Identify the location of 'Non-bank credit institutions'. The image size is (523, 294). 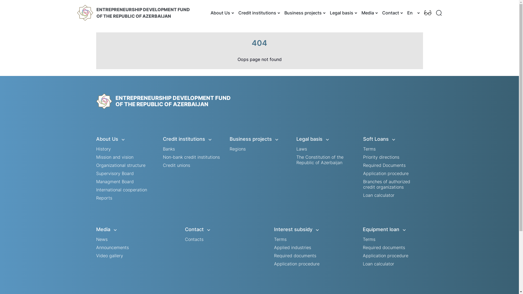
(191, 157).